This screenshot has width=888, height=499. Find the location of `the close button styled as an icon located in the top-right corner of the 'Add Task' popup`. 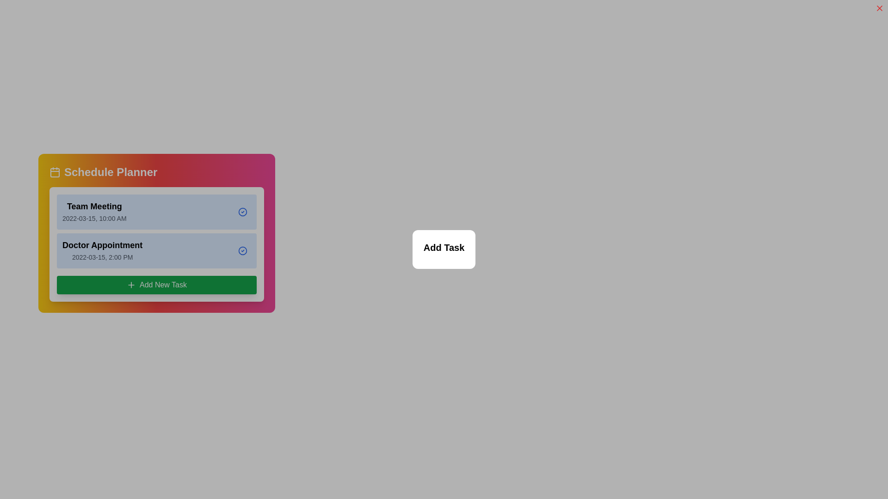

the close button styled as an icon located in the top-right corner of the 'Add Task' popup is located at coordinates (879, 8).